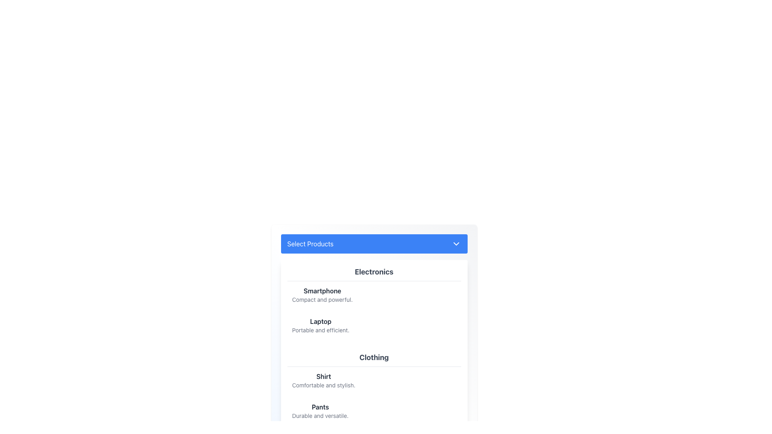 Image resolution: width=772 pixels, height=434 pixels. I want to click on the List Item representing a laptop product located under the 'Electronics' category, so click(374, 325).